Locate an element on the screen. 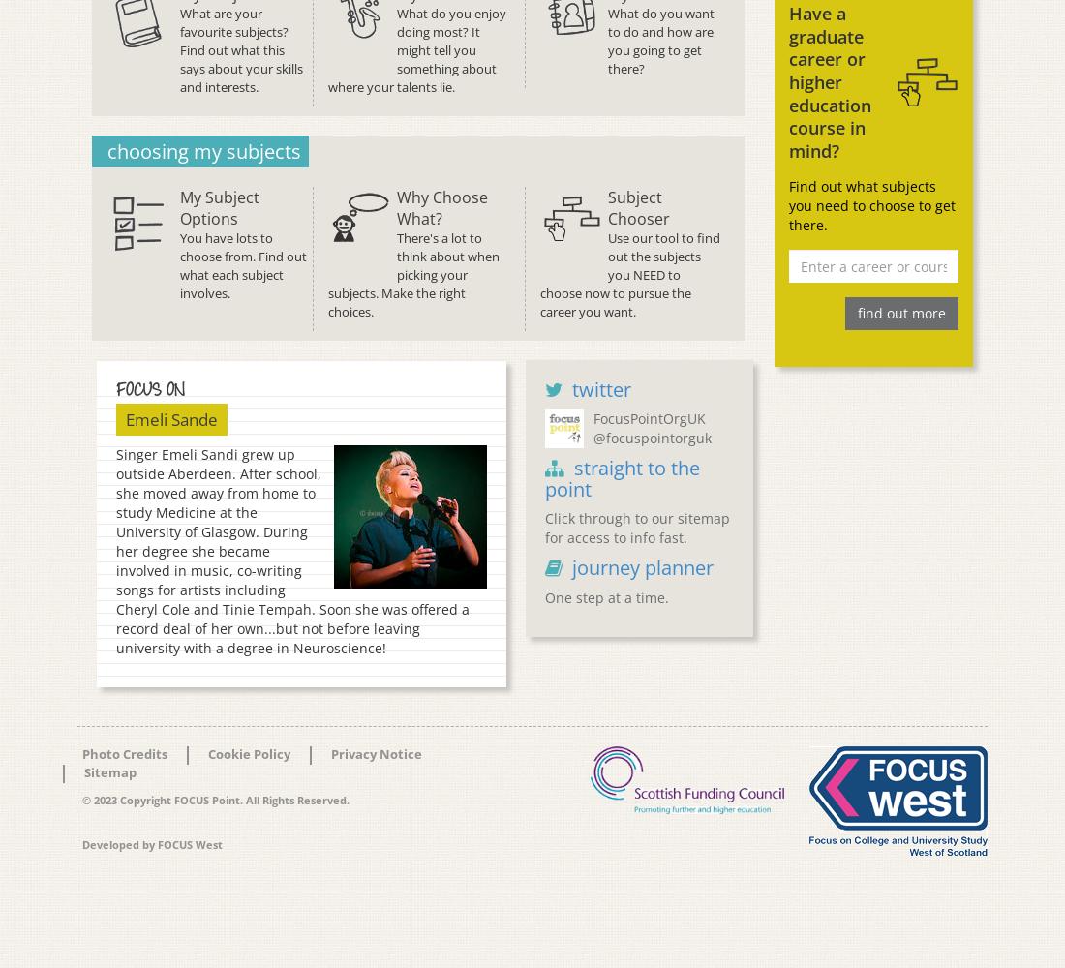 The width and height of the screenshot is (1065, 968). 'What do you want to do and how are you going to get there?' is located at coordinates (607, 40).